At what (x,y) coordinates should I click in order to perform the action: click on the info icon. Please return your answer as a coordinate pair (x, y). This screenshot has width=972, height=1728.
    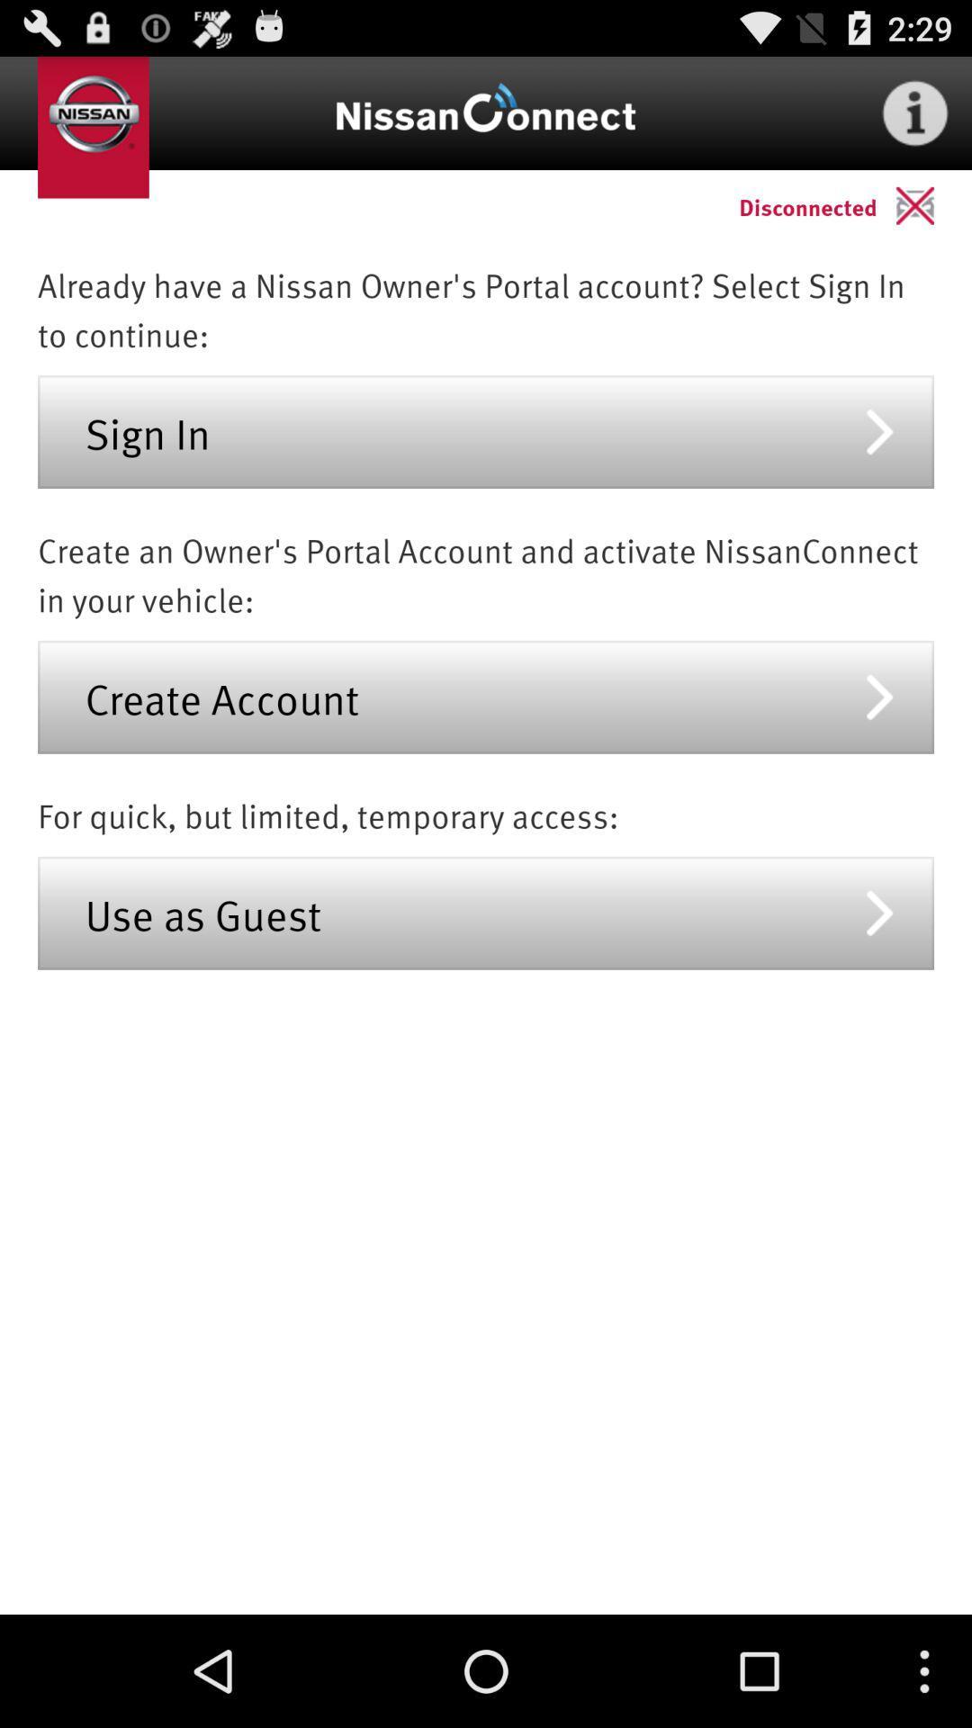
    Looking at the image, I should click on (915, 120).